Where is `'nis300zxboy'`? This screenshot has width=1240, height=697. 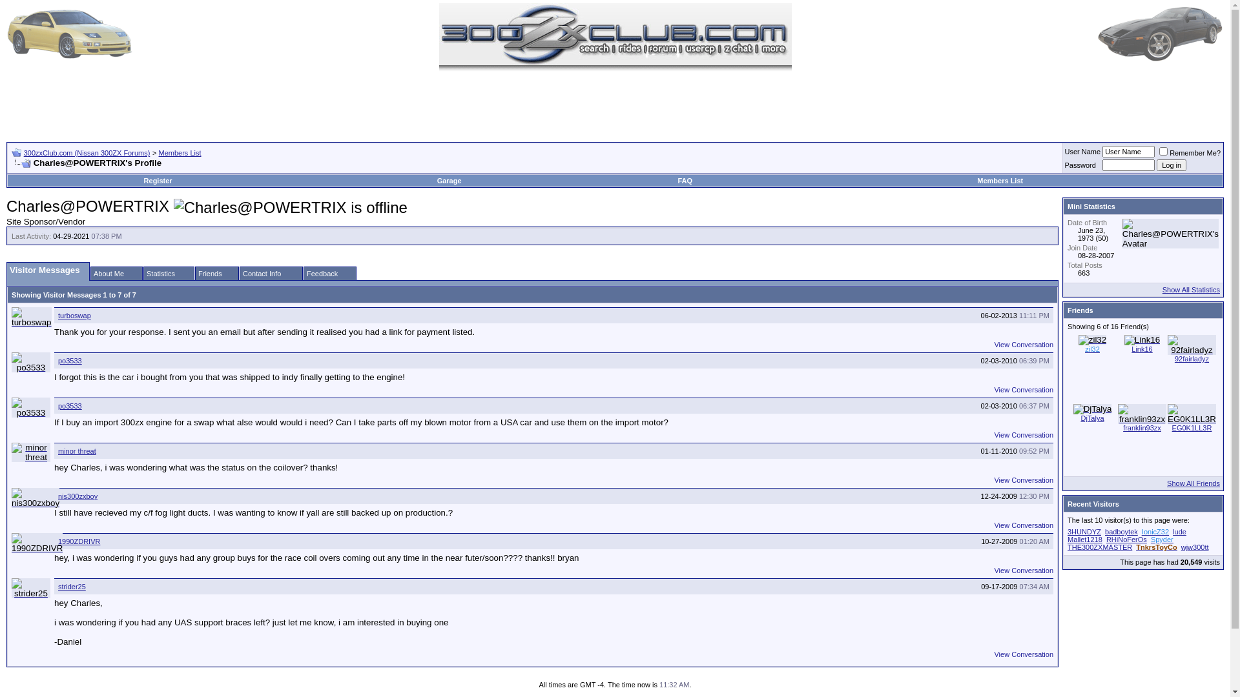
'nis300zxboy' is located at coordinates (77, 495).